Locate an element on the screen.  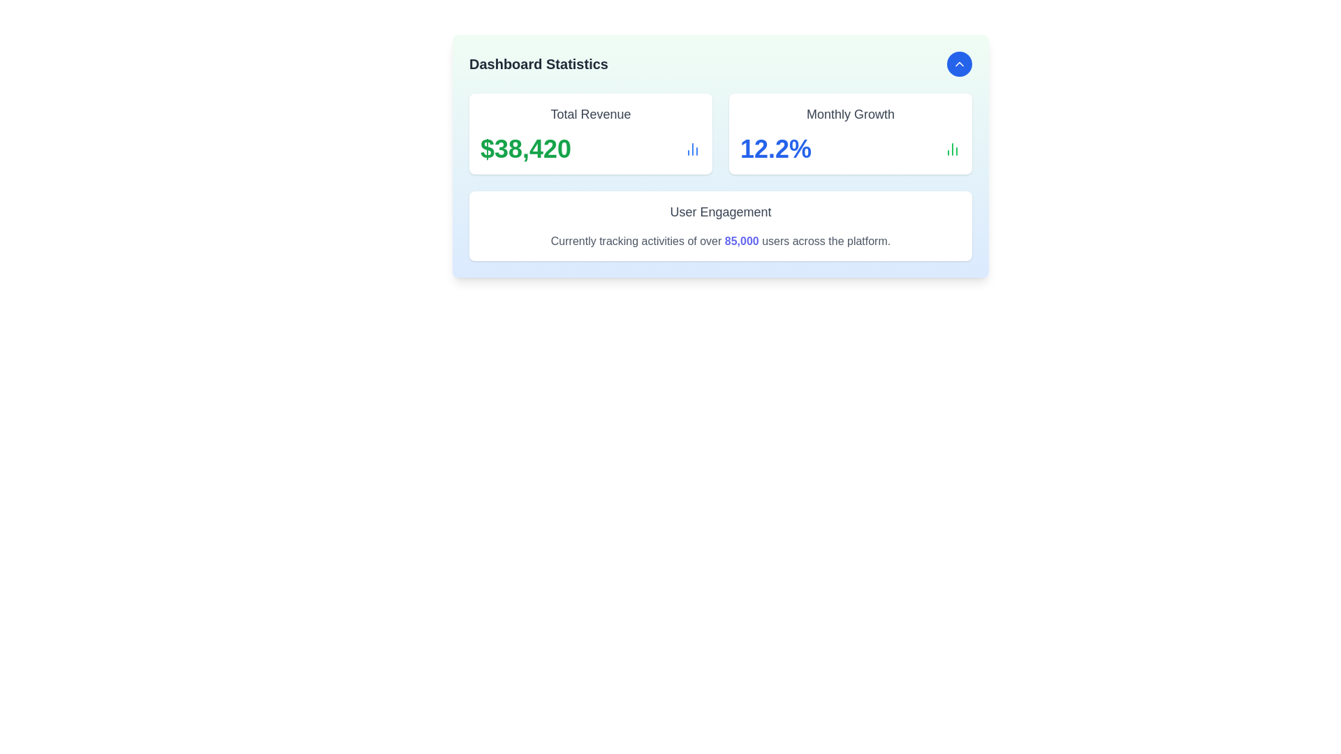
the blue bar chart icon located to the right of the '$38,420' text in the 'Total Revenue' section of the 'Dashboard Statistics' panel is located at coordinates (693, 149).